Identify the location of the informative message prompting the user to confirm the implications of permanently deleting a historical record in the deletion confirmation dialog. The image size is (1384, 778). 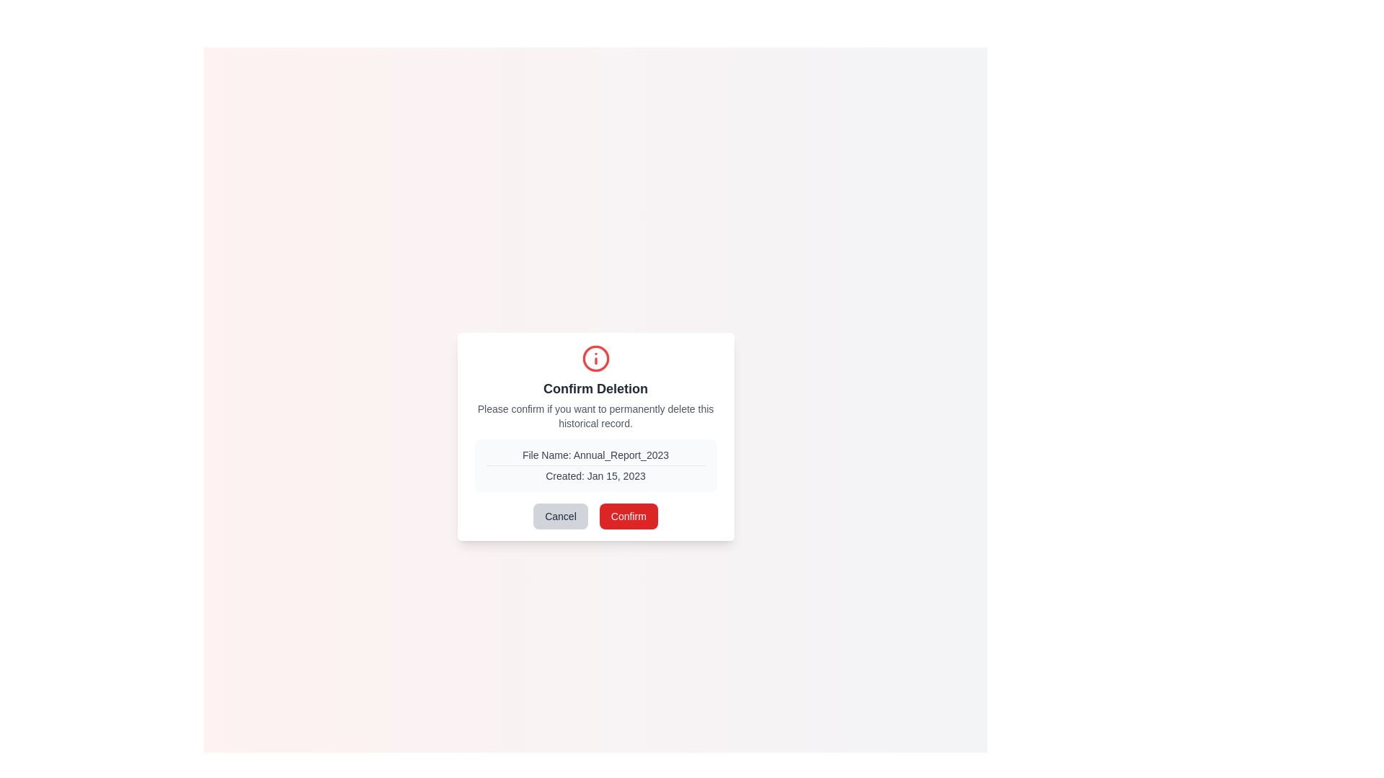
(595, 416).